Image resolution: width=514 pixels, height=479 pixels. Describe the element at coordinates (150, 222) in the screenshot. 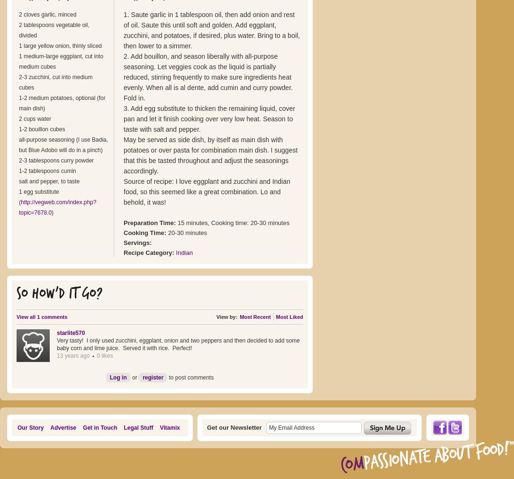

I see `'Preparation Time:'` at that location.